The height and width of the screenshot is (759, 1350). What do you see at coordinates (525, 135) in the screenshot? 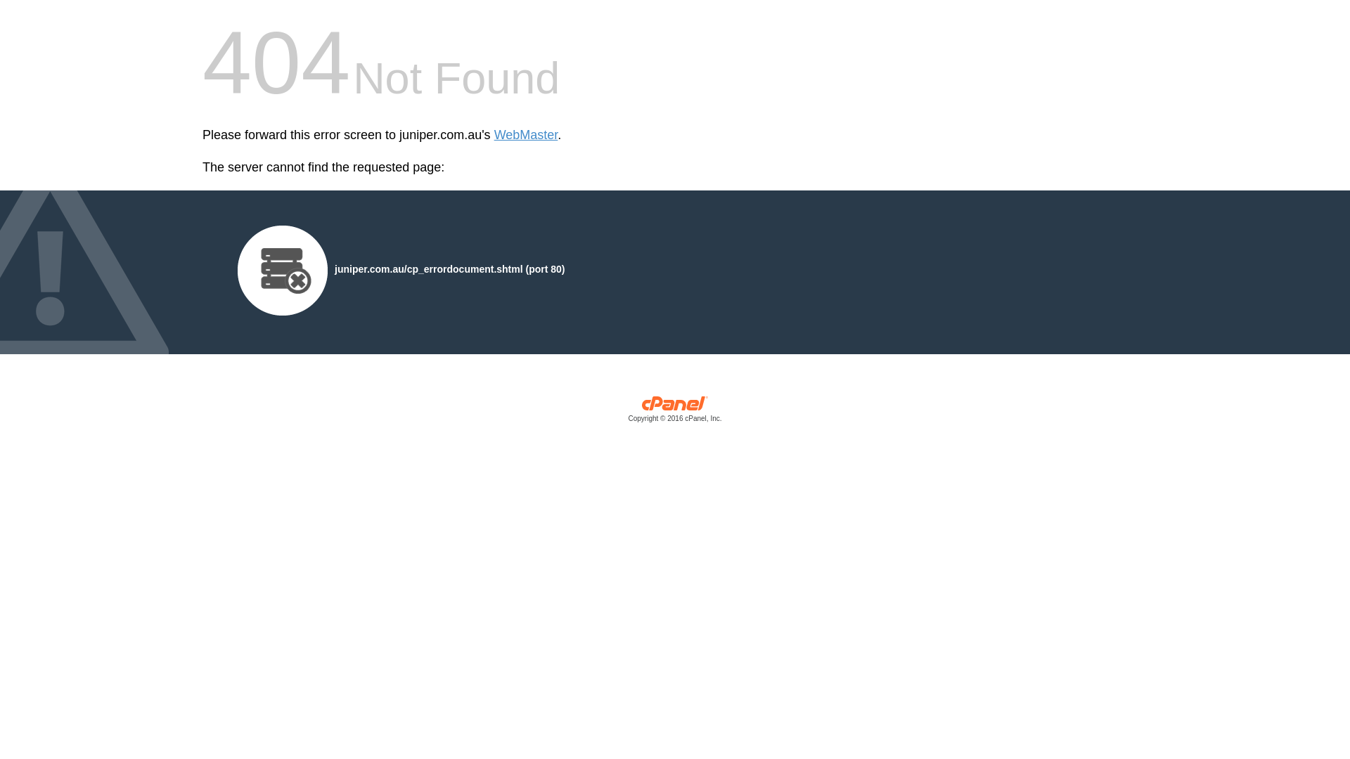
I see `'WebMaster'` at bounding box center [525, 135].